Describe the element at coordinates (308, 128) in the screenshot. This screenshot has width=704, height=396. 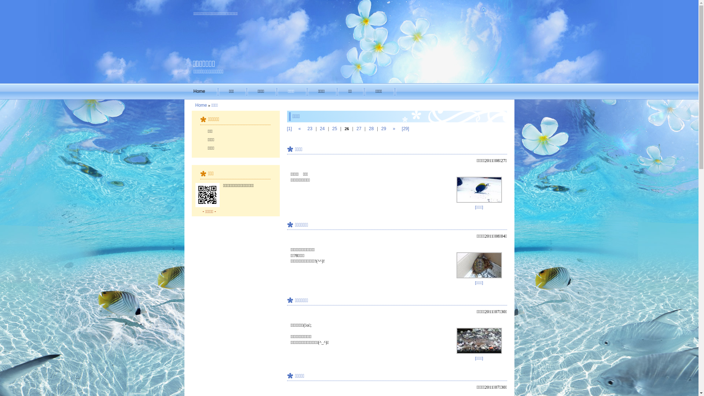
I see `'23'` at that location.